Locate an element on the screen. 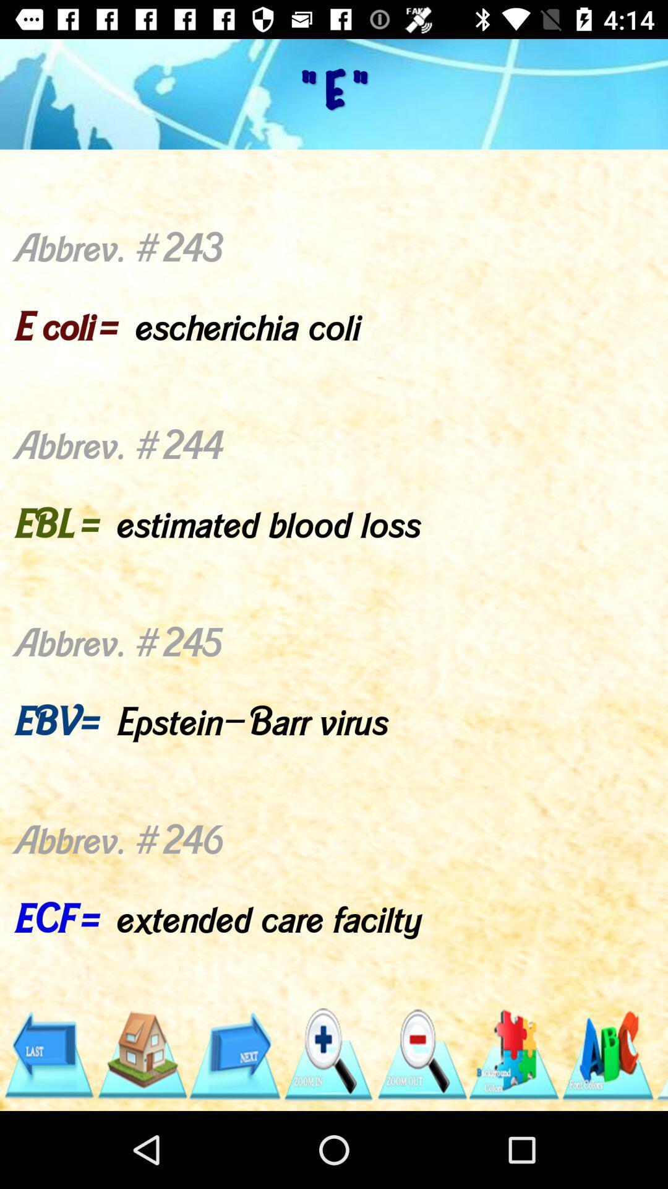 The width and height of the screenshot is (668, 1189). the icon below the abbrev 	243	 	e is located at coordinates (141, 1054).